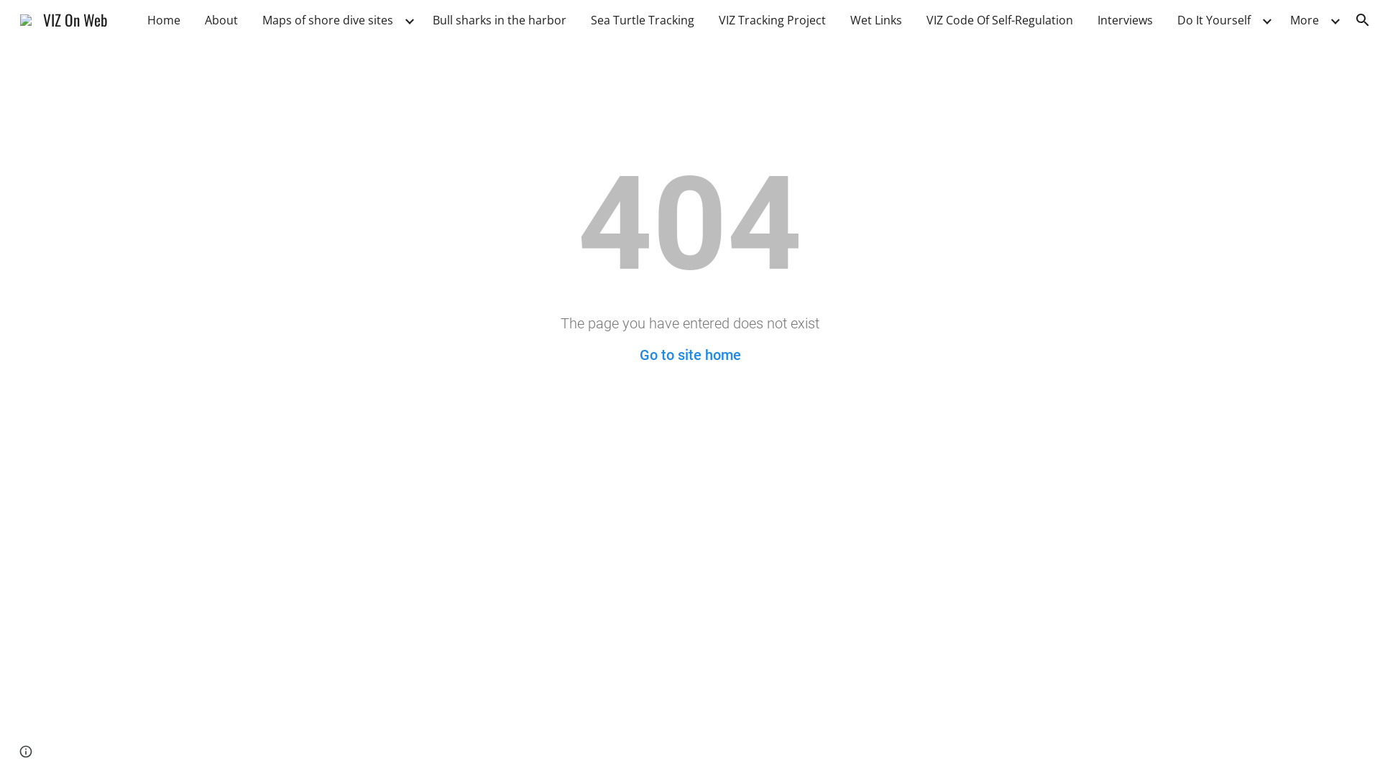 The image size is (1380, 776). I want to click on 'Home', so click(163, 19).